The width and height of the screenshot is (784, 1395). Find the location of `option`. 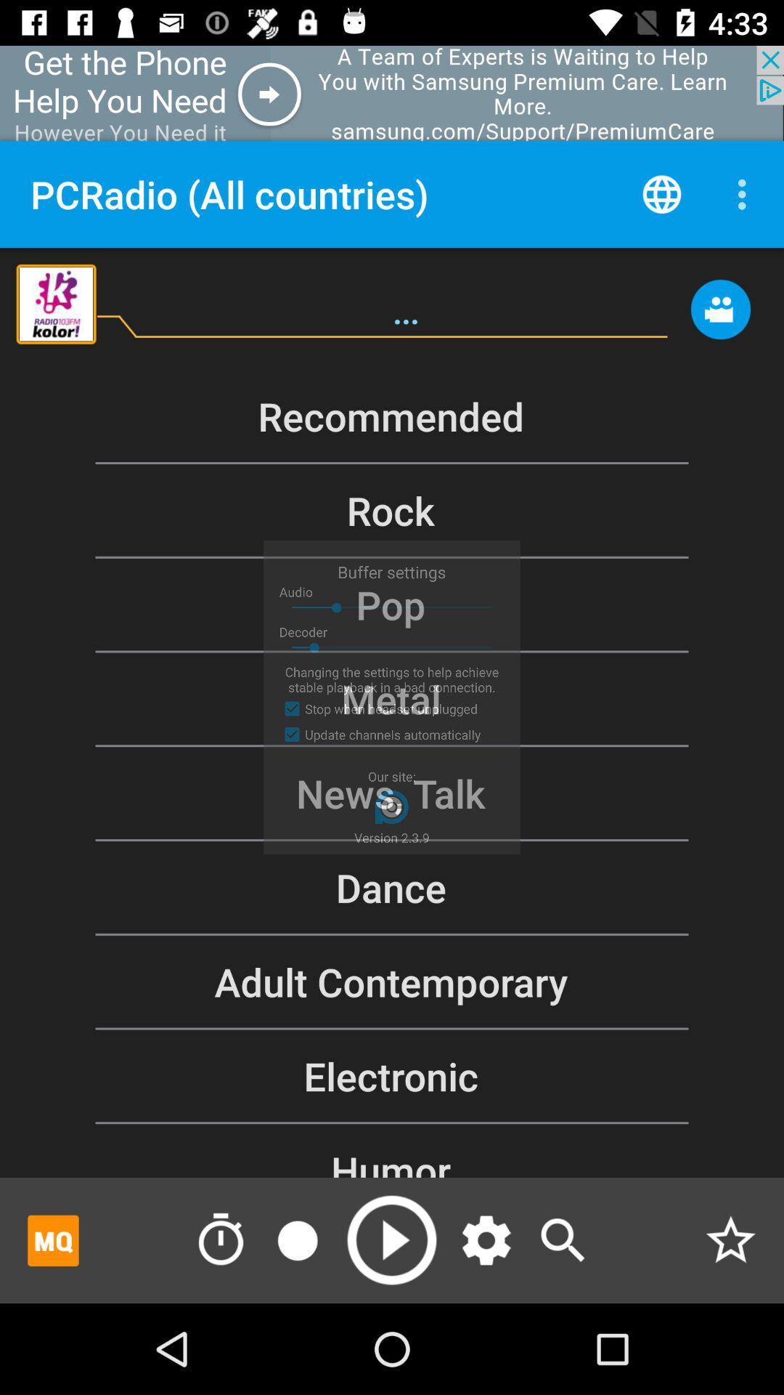

option is located at coordinates (392, 1240).